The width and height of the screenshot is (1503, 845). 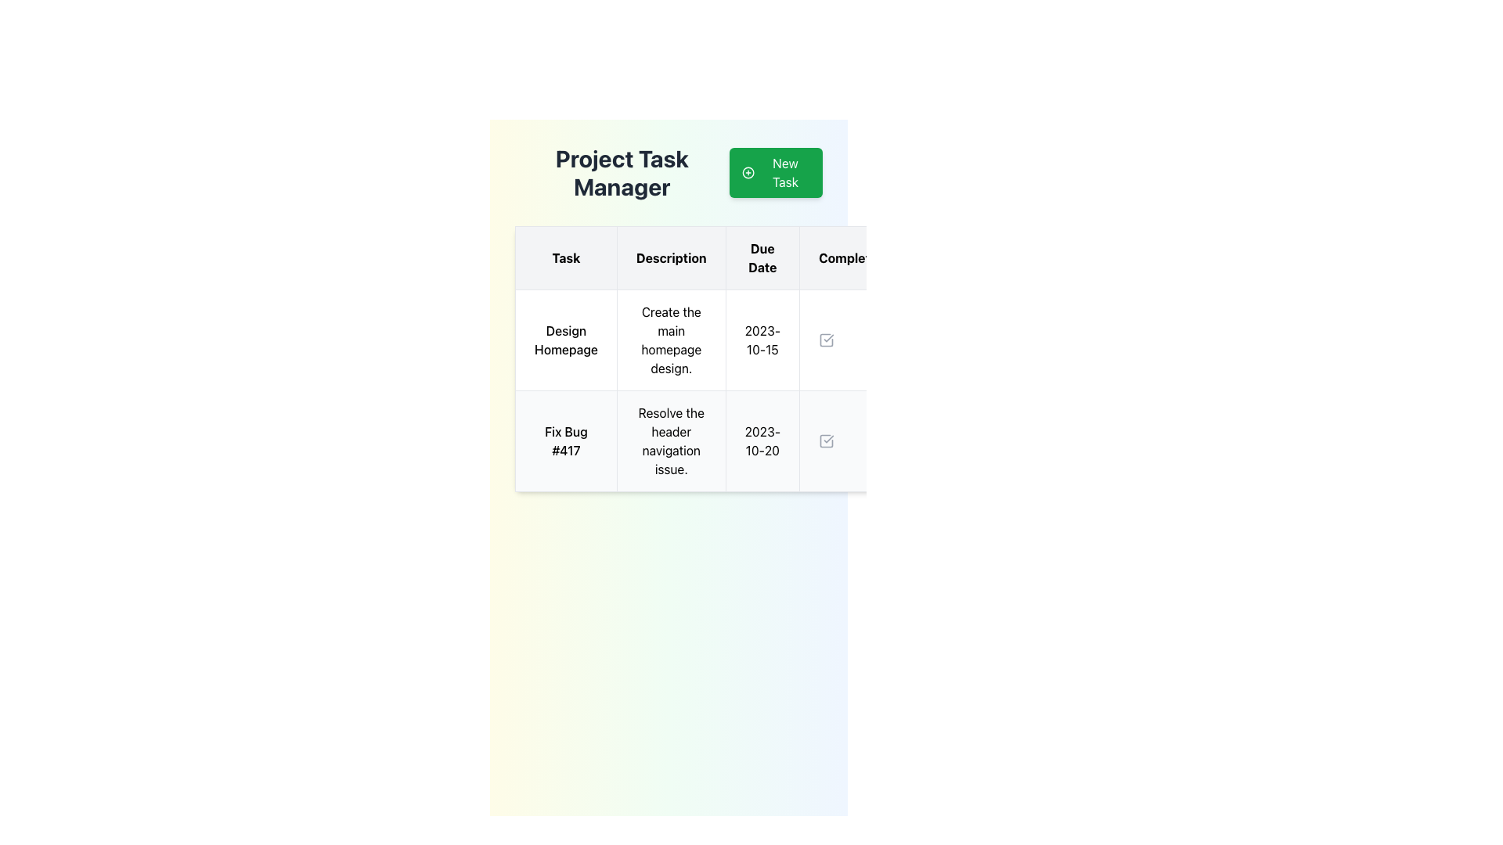 What do you see at coordinates (847, 257) in the screenshot?
I see `the table header cell containing the text 'Complete', located in the fourth column of the grid header` at bounding box center [847, 257].